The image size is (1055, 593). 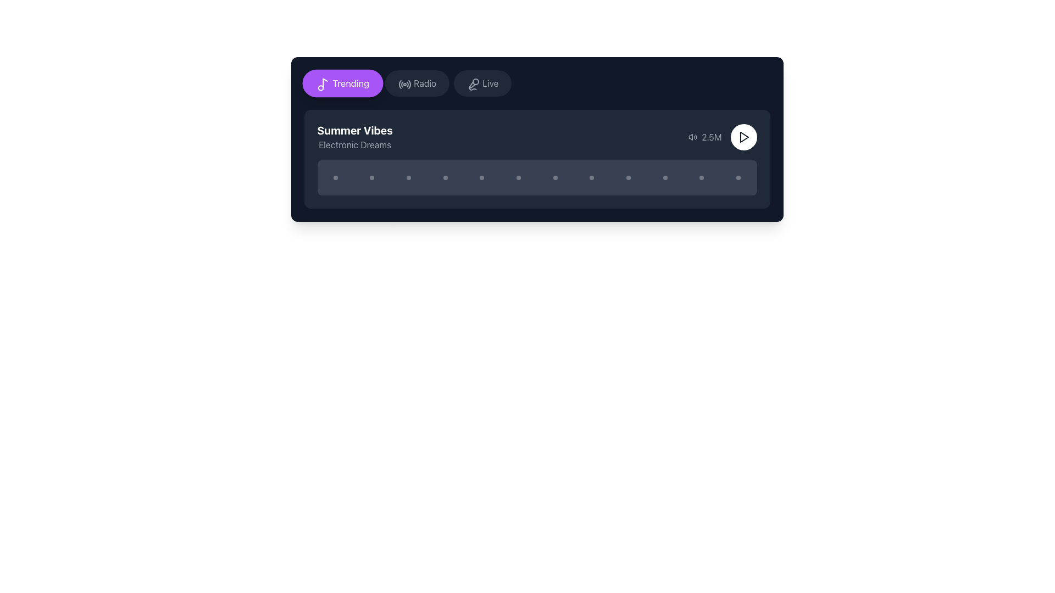 I want to click on the decorative SVG icon that enhances the visual identification of the 'Live' button located in the top-right section of the 'Live' button group in the horizontal navigation bar, so click(x=473, y=84).